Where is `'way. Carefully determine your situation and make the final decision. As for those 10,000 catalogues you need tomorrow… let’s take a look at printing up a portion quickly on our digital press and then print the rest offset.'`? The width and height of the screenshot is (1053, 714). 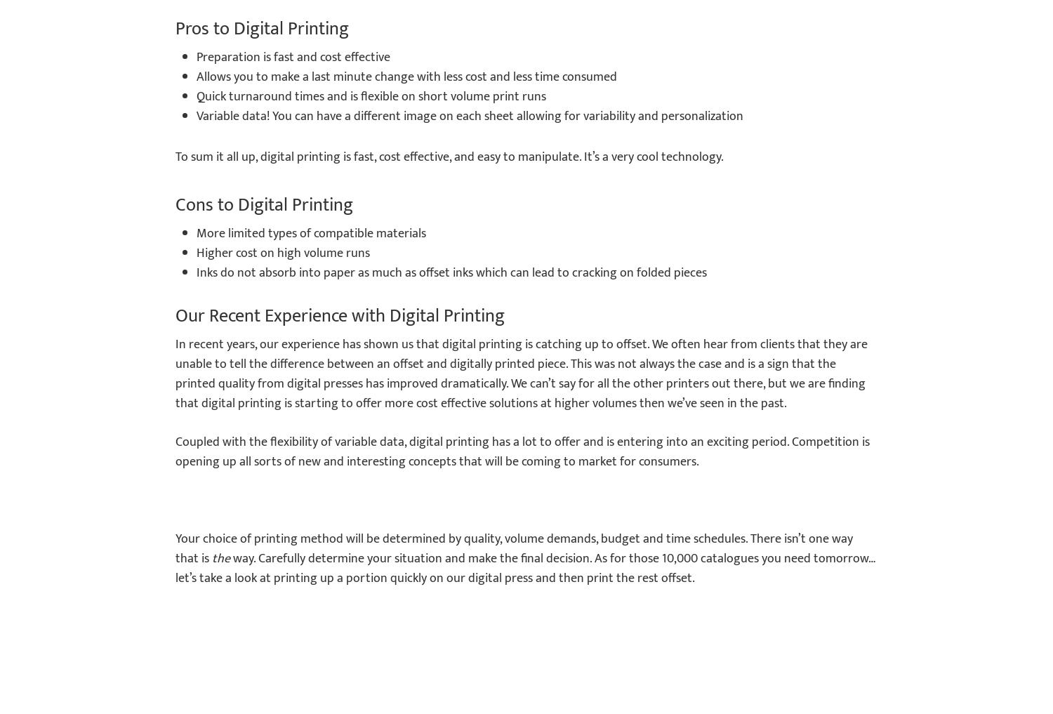 'way. Carefully determine your situation and make the final decision. As for those 10,000 catalogues you need tomorrow… let’s take a look at printing up a portion quickly on our digital press and then print the rest offset.' is located at coordinates (524, 568).